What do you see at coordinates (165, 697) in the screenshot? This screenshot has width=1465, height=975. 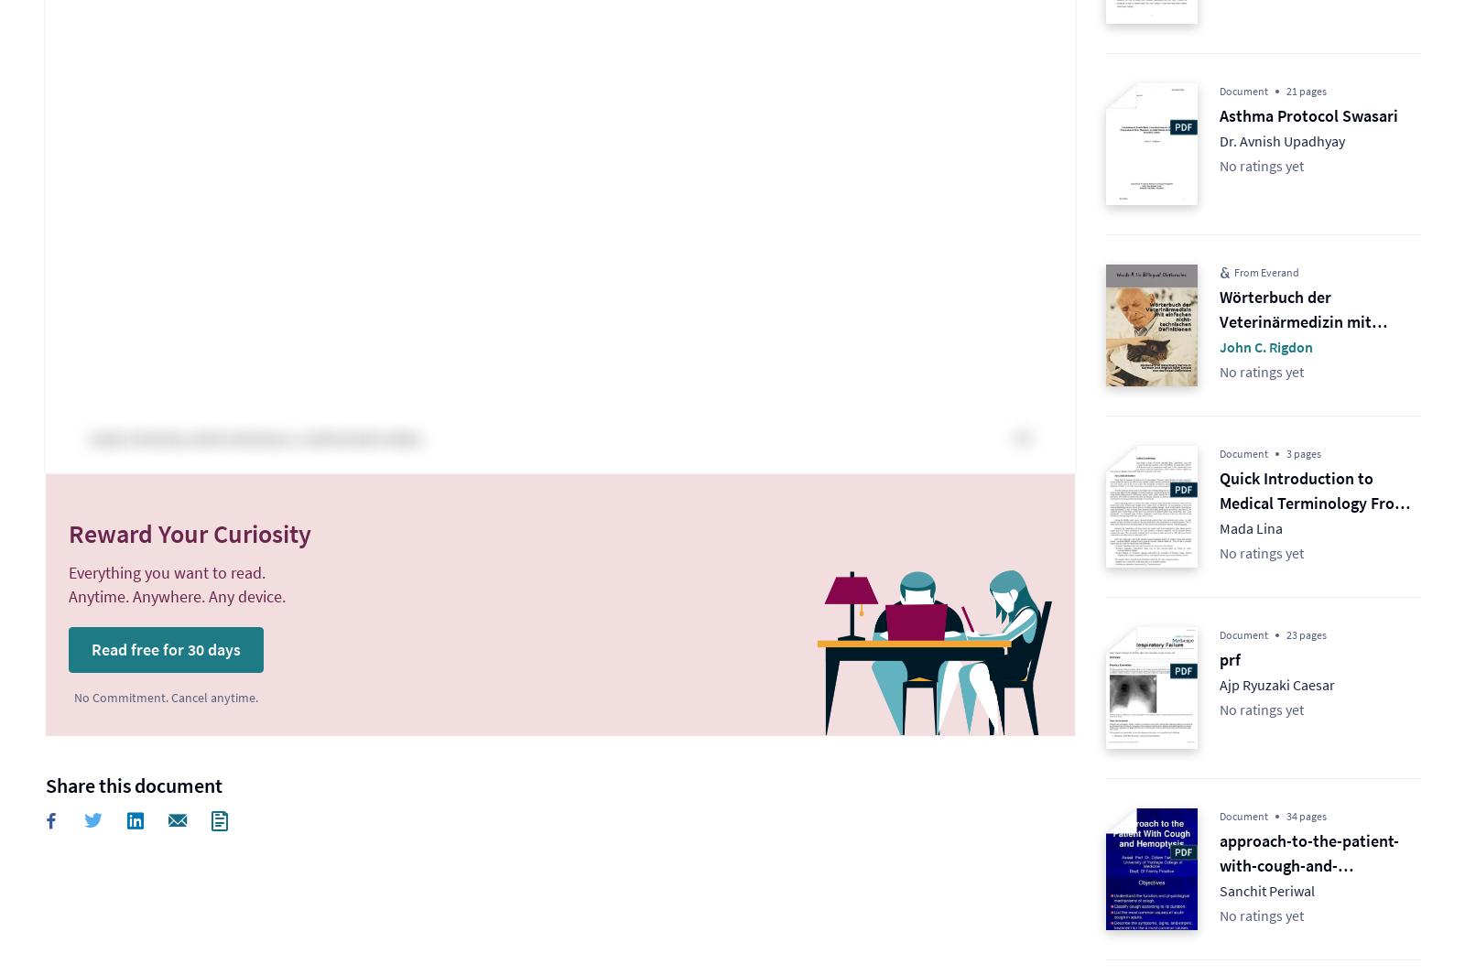 I see `'No Commitment. Cancel anytime.'` at bounding box center [165, 697].